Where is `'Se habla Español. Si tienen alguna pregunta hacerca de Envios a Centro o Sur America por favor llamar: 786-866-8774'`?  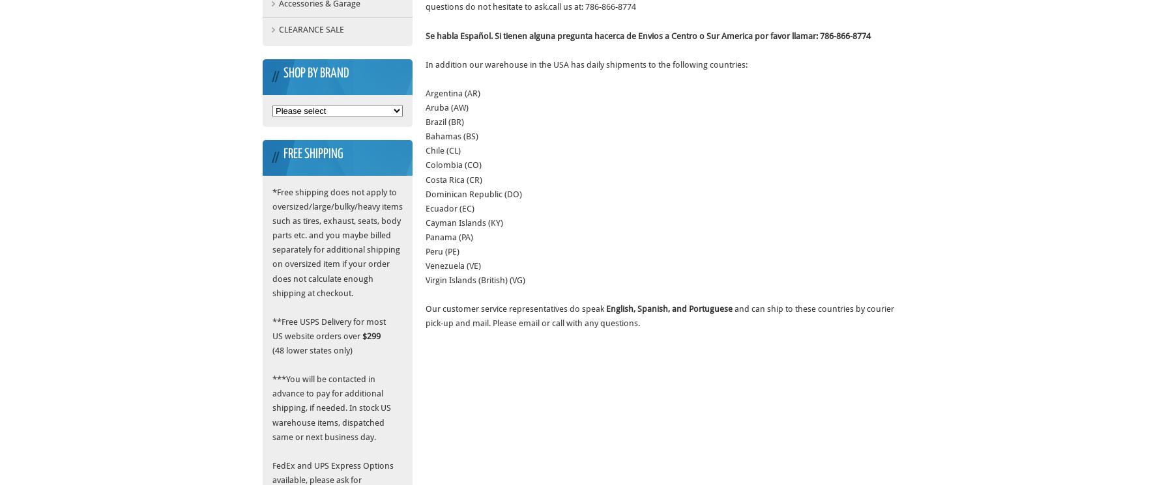
'Se habla Español. Si tienen alguna pregunta hacerca de Envios a Centro o Sur America por favor llamar: 786-866-8774' is located at coordinates (648, 35).